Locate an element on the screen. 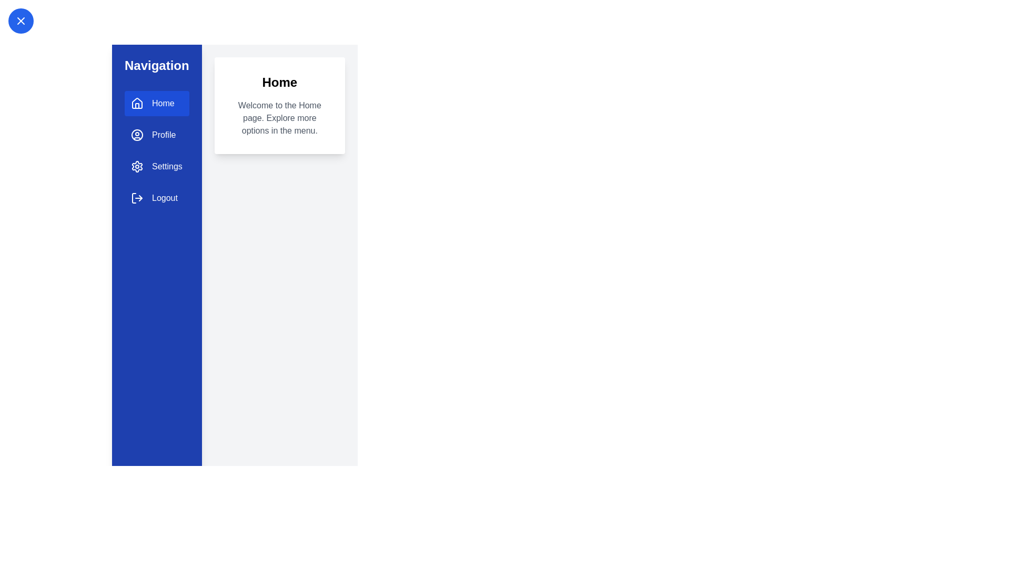  the navigation option Logout to trigger its visual effect is located at coordinates (156, 198).